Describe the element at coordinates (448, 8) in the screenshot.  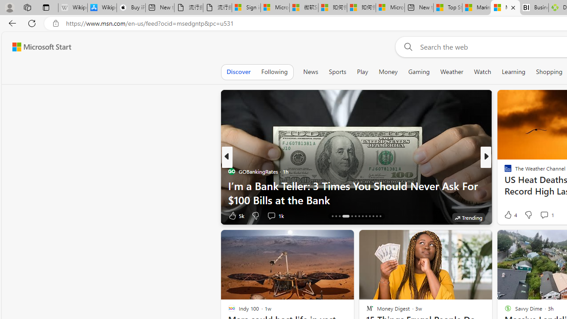
I see `'Top Stories - MSN'` at that location.